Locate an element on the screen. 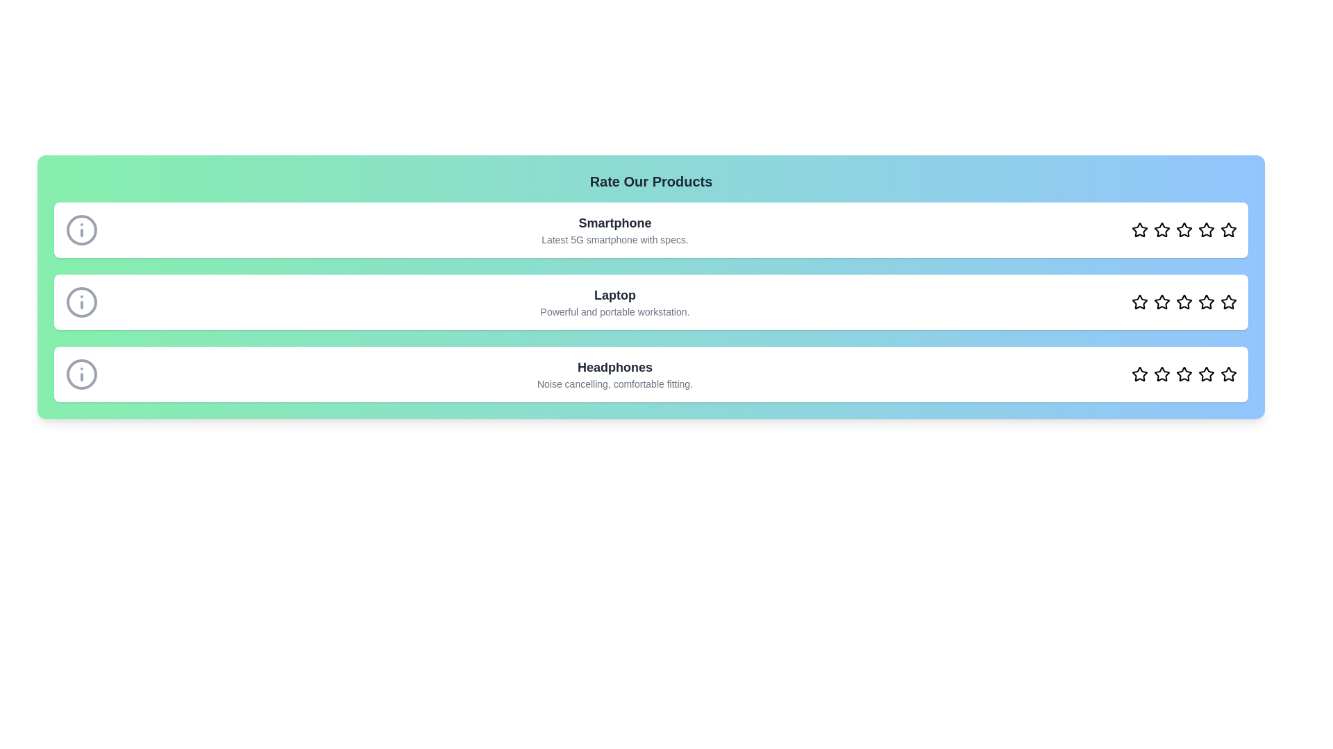  the 'Laptop' text label, which is prominently displayed in bold and enlarged font is located at coordinates (614, 294).